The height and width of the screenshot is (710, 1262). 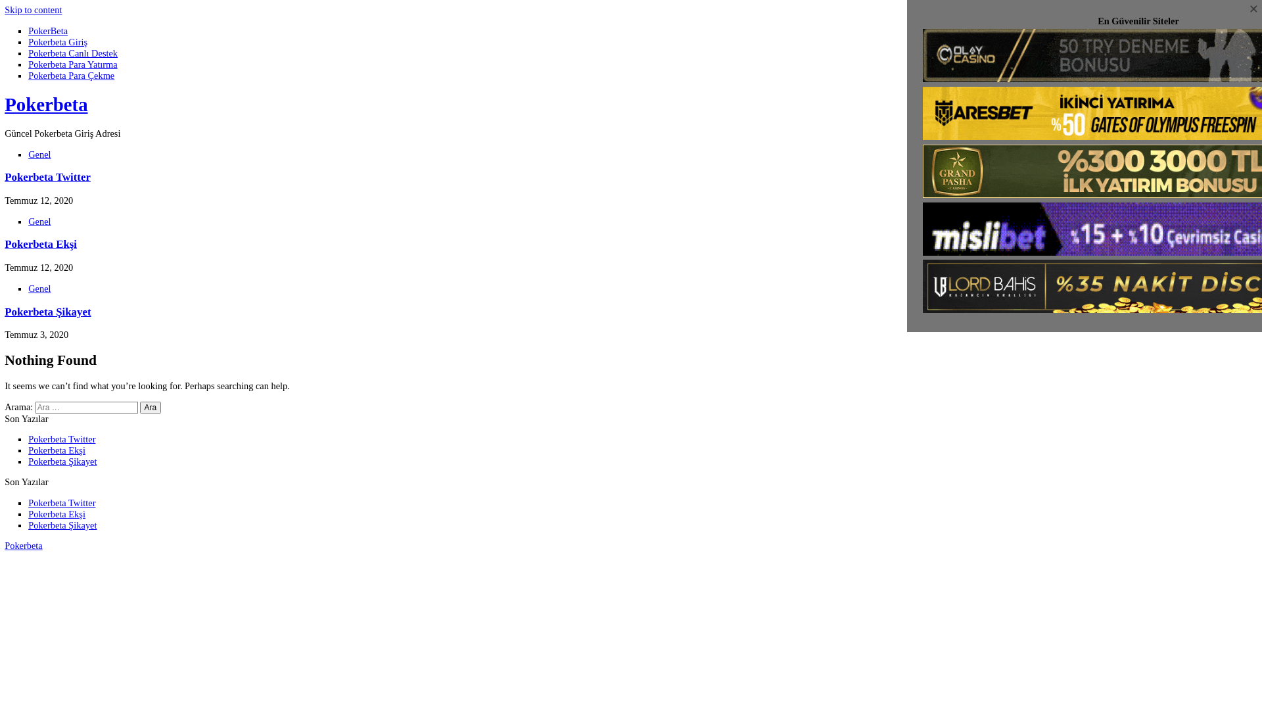 What do you see at coordinates (53, 33) in the screenshot?
I see `'PokerBeta'` at bounding box center [53, 33].